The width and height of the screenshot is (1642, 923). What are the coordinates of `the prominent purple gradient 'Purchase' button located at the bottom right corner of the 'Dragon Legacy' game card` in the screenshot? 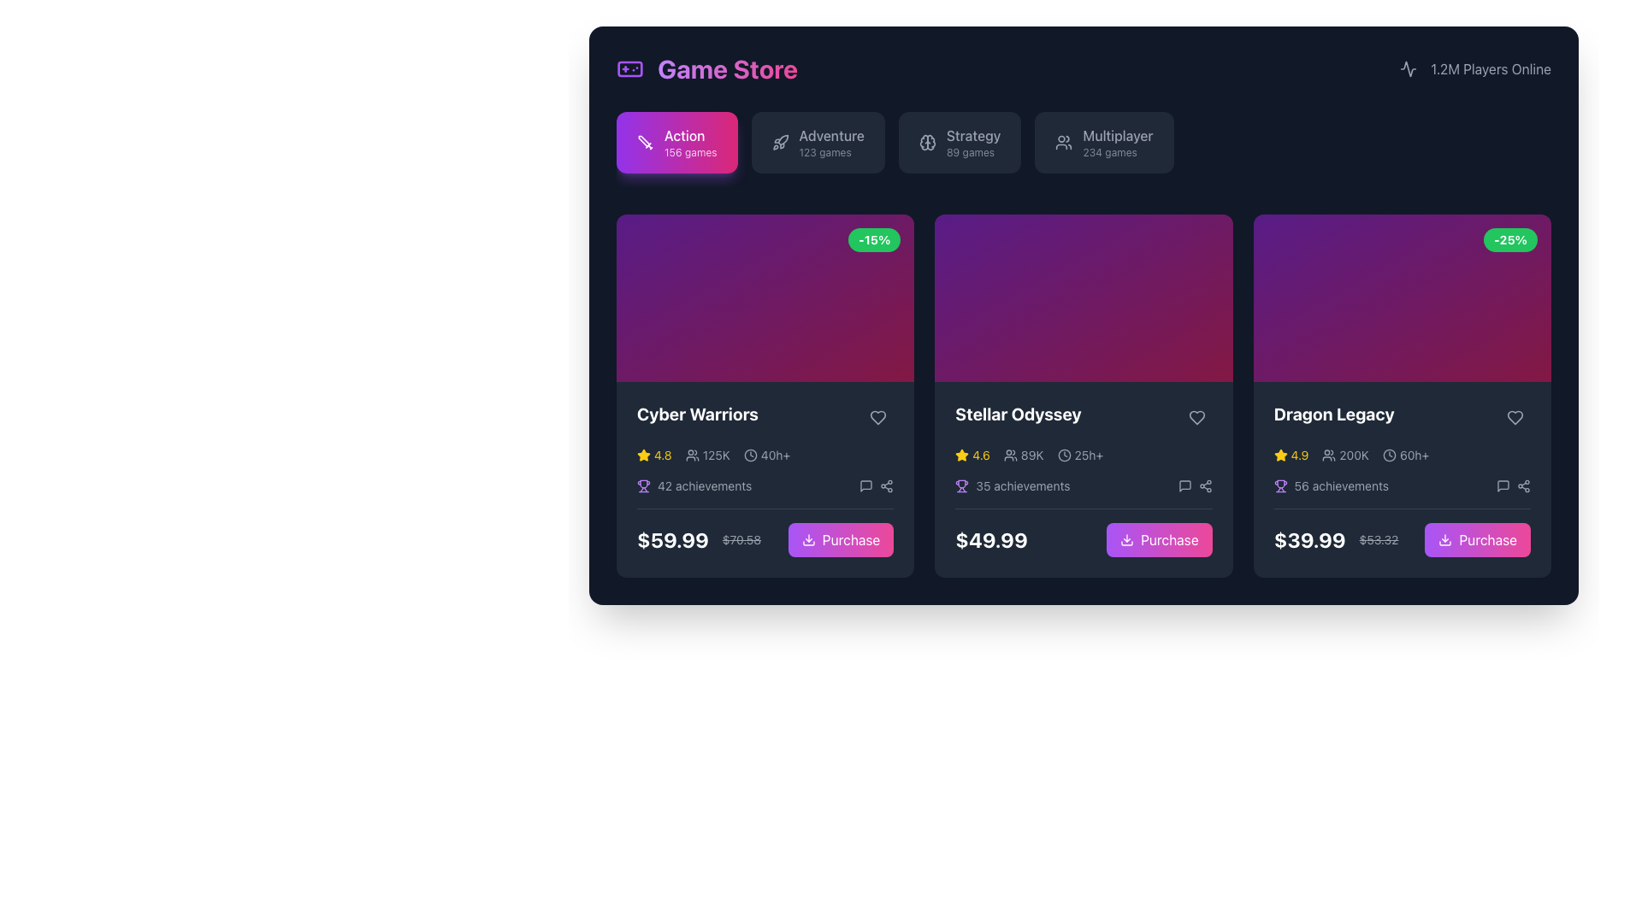 It's located at (1402, 532).